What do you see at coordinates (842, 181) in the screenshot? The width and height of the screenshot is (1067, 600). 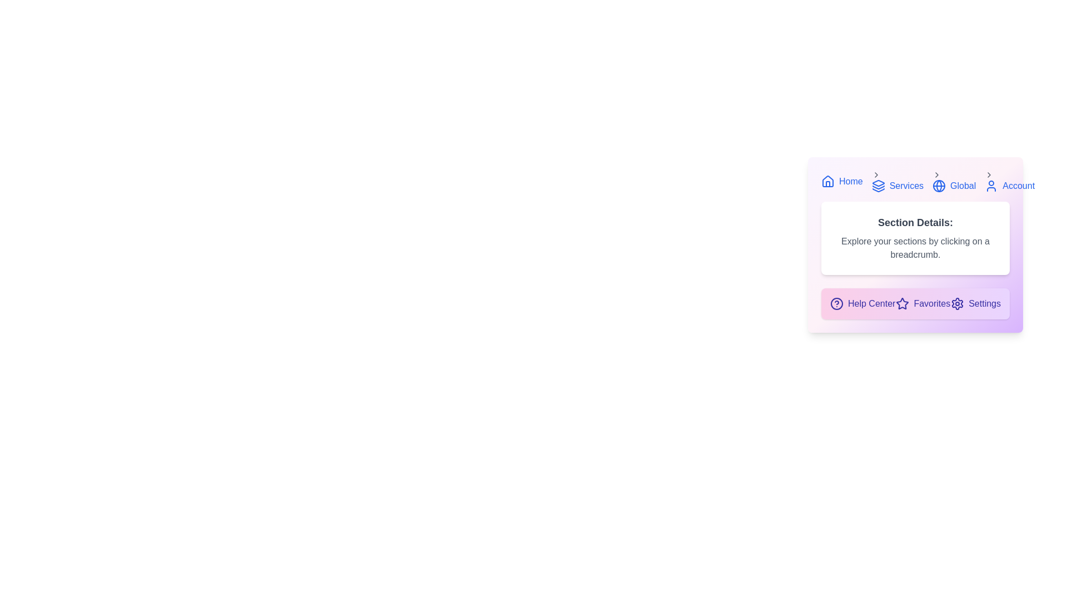 I see `the 'Home' breadcrumb link, which is the first item in the breadcrumb navigation bar at the top left, to trigger the visual underline effect` at bounding box center [842, 181].